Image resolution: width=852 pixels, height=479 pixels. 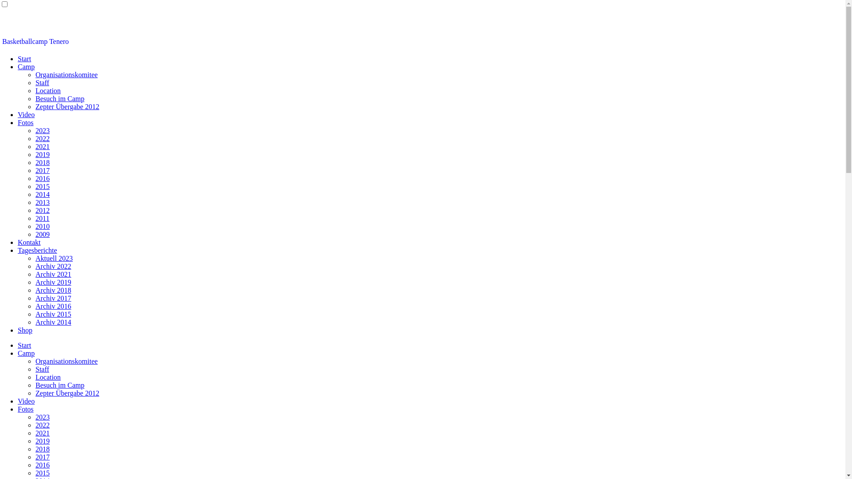 I want to click on 'Fotos', so click(x=25, y=409).